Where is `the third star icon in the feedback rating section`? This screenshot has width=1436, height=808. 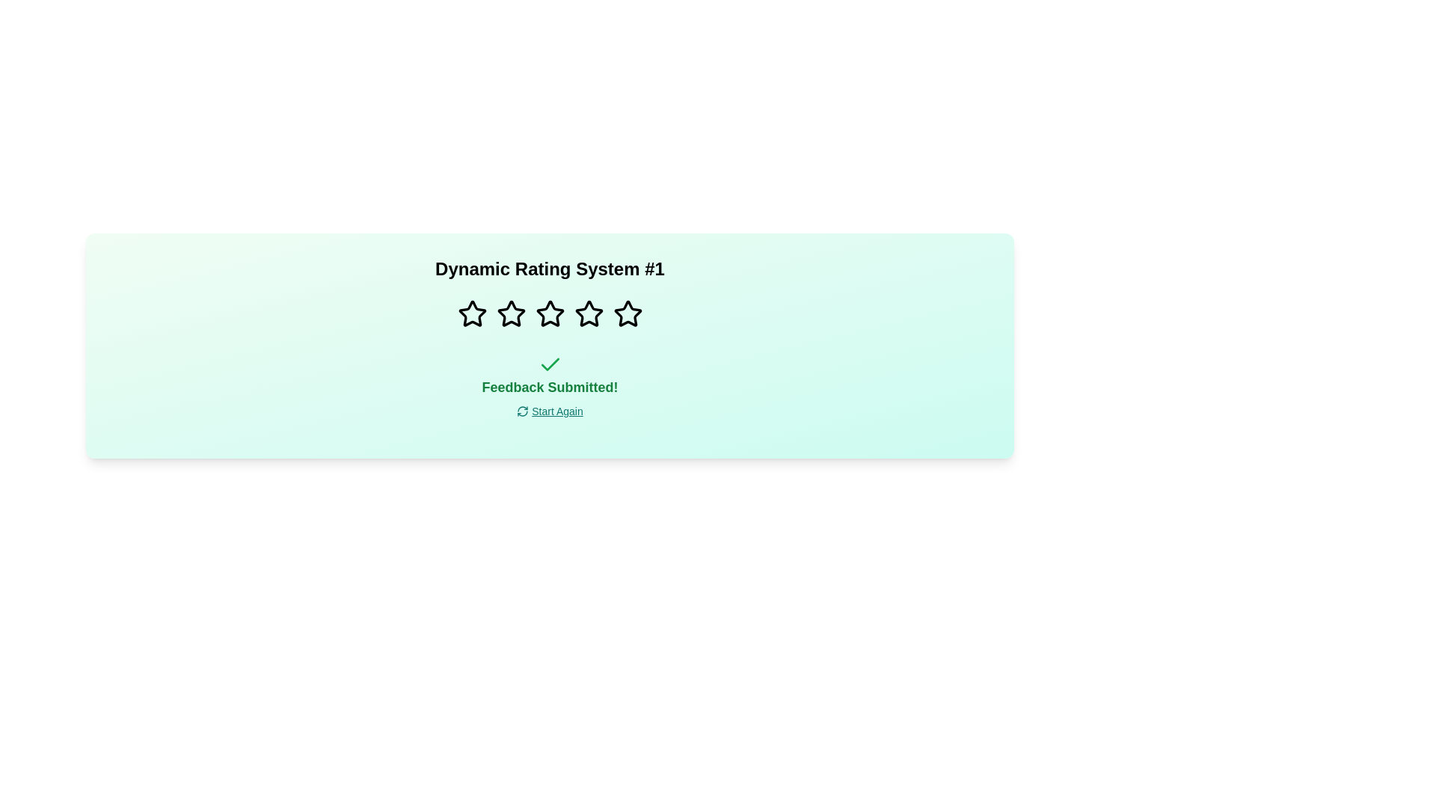
the third star icon in the feedback rating section is located at coordinates (549, 313).